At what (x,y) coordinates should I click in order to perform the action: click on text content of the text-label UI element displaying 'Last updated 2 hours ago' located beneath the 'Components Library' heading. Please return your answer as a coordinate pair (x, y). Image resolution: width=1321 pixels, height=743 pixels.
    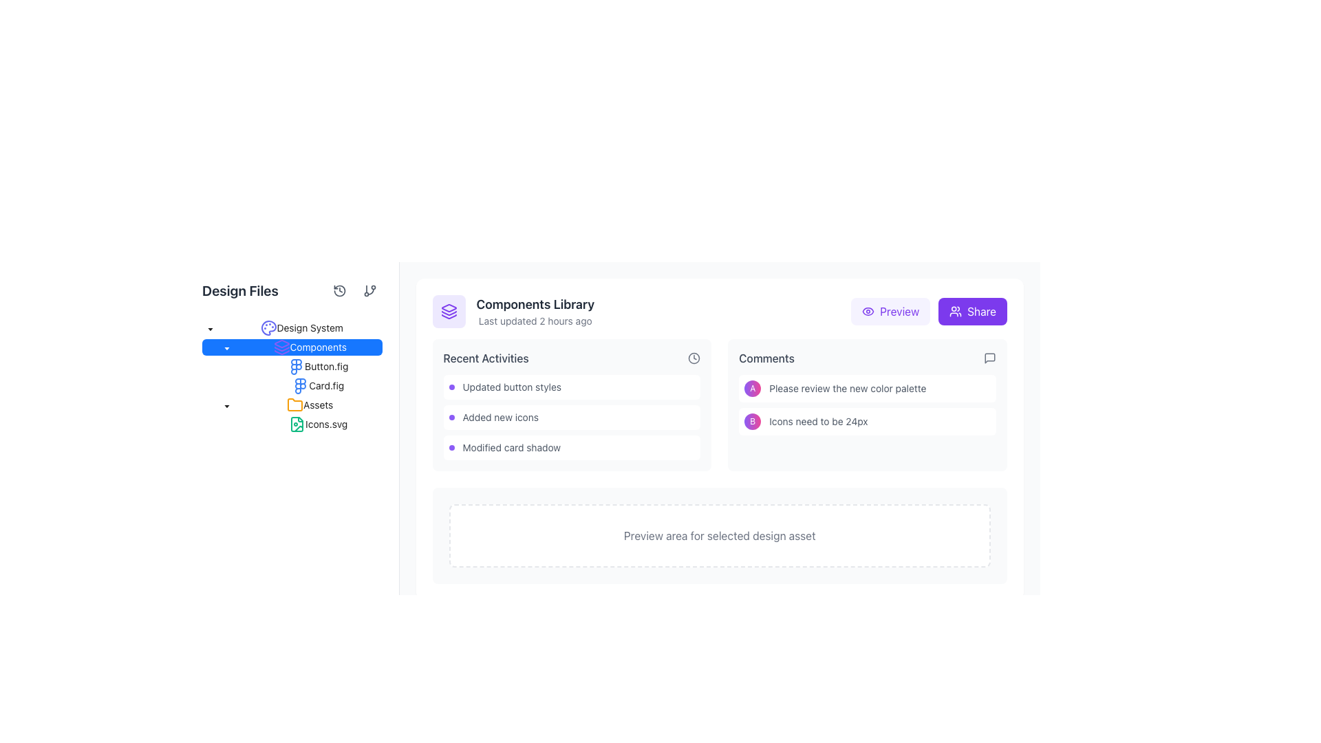
    Looking at the image, I should click on (535, 321).